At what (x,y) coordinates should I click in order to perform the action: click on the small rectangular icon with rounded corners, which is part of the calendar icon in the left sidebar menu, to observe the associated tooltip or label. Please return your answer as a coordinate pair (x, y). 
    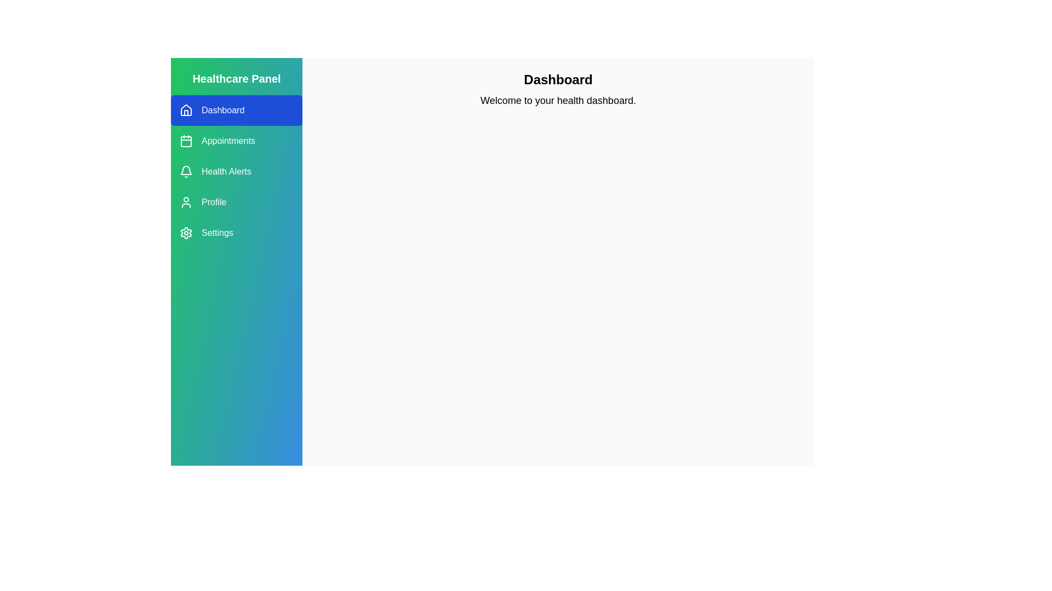
    Looking at the image, I should click on (186, 141).